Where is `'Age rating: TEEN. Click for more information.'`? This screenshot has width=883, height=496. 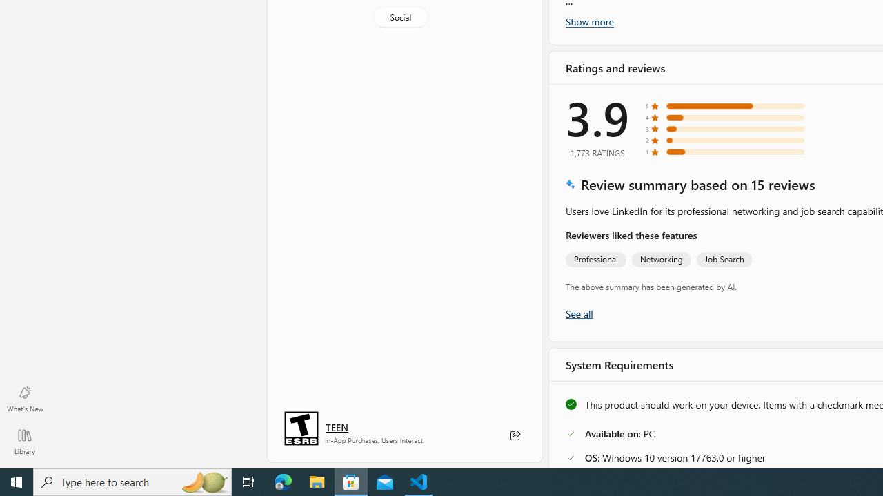
'Age rating: TEEN. Click for more information.' is located at coordinates (337, 426).